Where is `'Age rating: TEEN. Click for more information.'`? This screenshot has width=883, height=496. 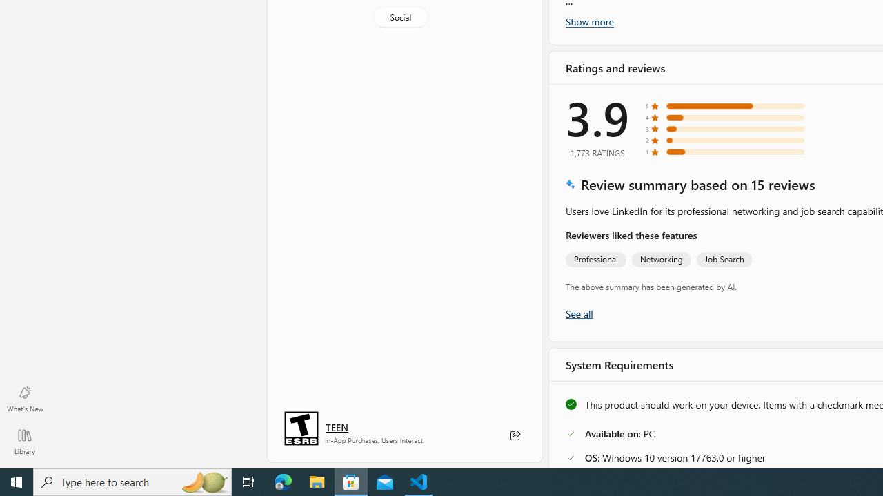
'Age rating: TEEN. Click for more information.' is located at coordinates (337, 426).